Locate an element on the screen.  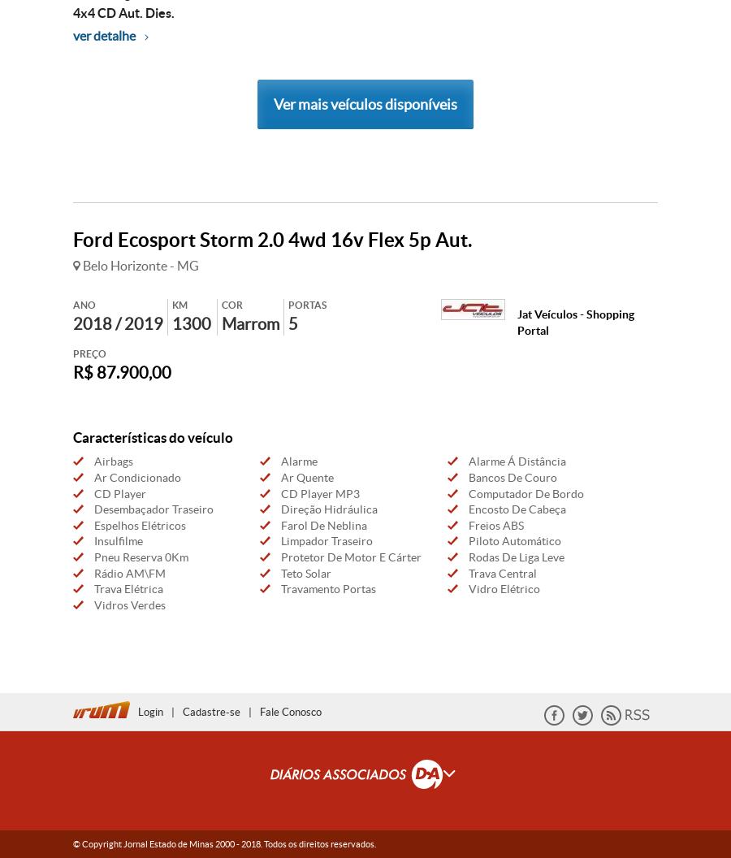
'R$ 87.900,00' is located at coordinates (122, 371).